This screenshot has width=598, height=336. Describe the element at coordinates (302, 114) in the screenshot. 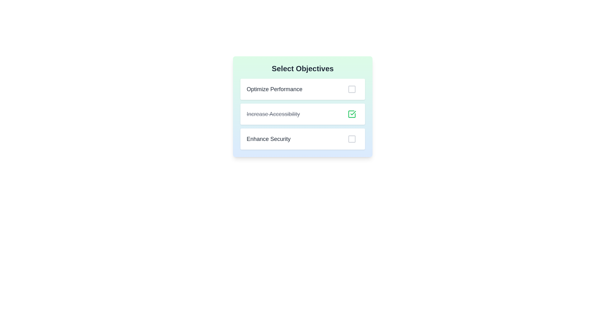

I see `the checkbox of the second list item in the checklist, which is marked as completed` at that location.